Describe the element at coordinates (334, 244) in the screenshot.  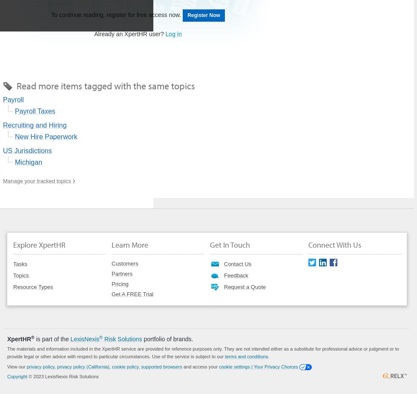
I see `'Connect With Us'` at that location.